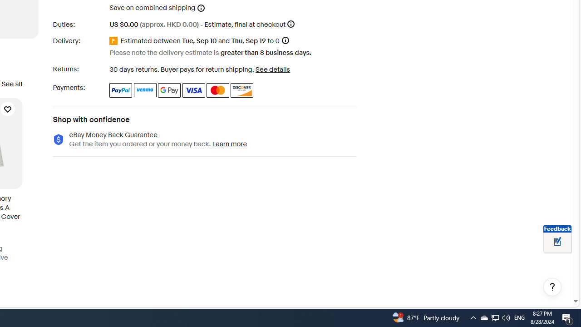 The height and width of the screenshot is (327, 581). I want to click on 'Discover', so click(242, 90).